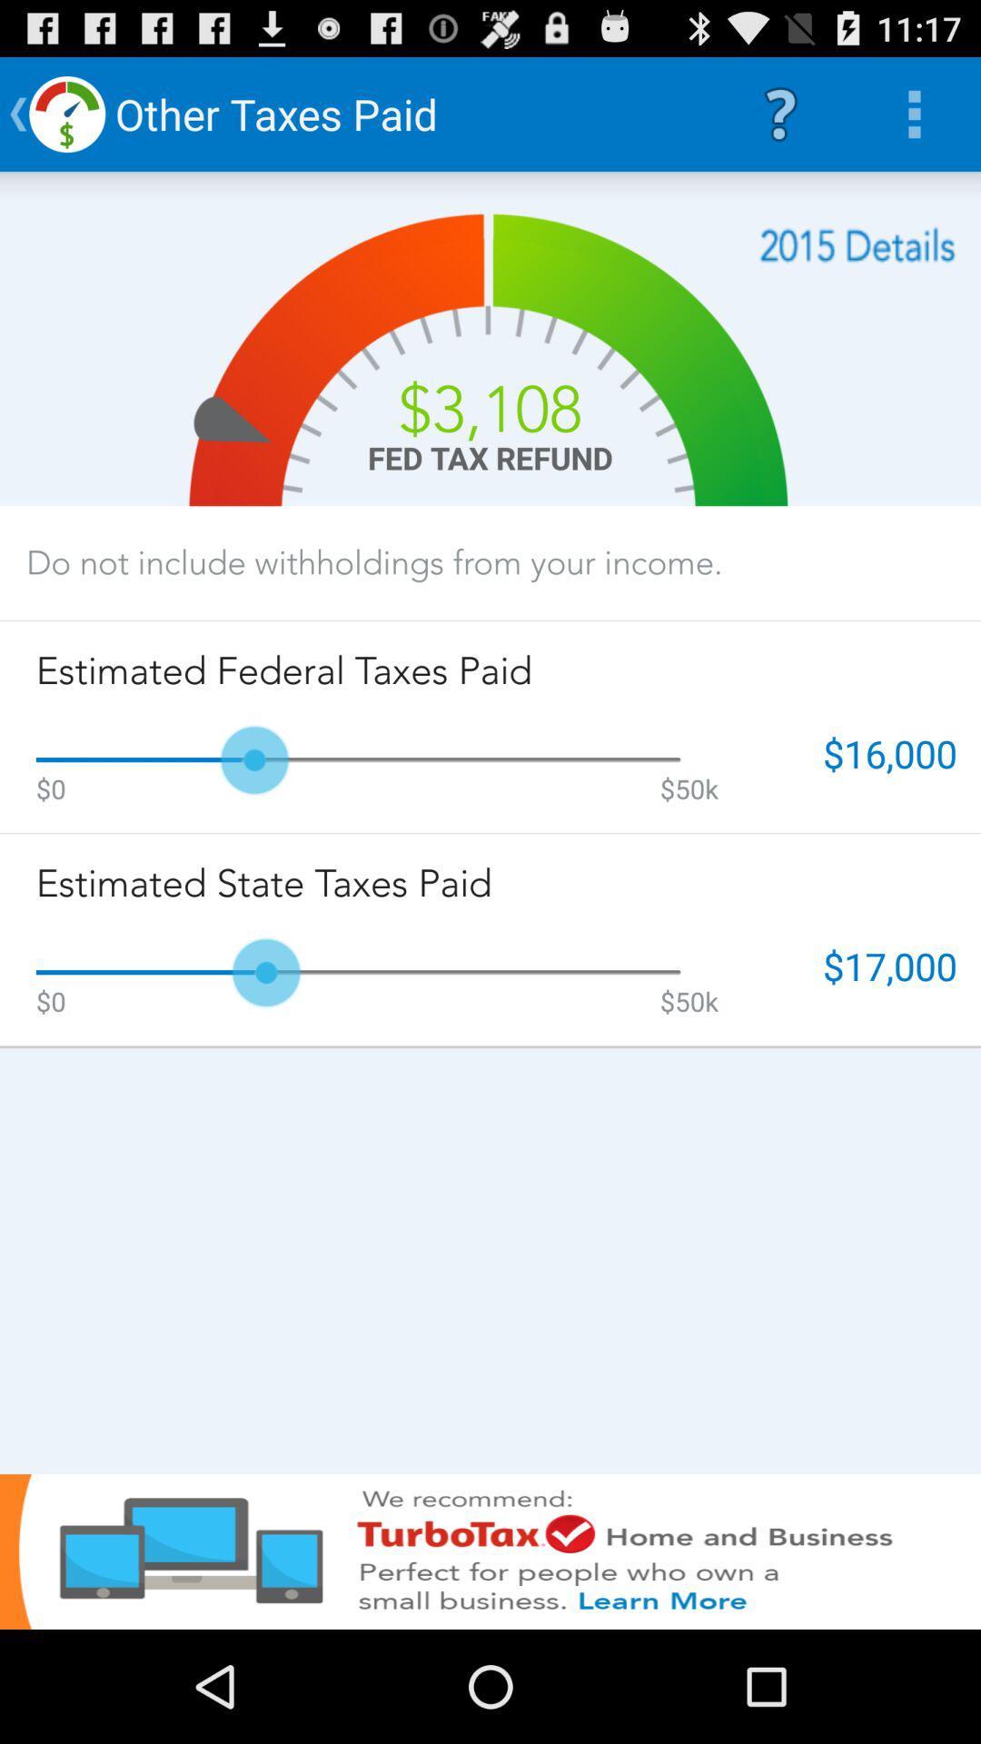  What do you see at coordinates (857, 244) in the screenshot?
I see `the icon above the $16,000 icon` at bounding box center [857, 244].